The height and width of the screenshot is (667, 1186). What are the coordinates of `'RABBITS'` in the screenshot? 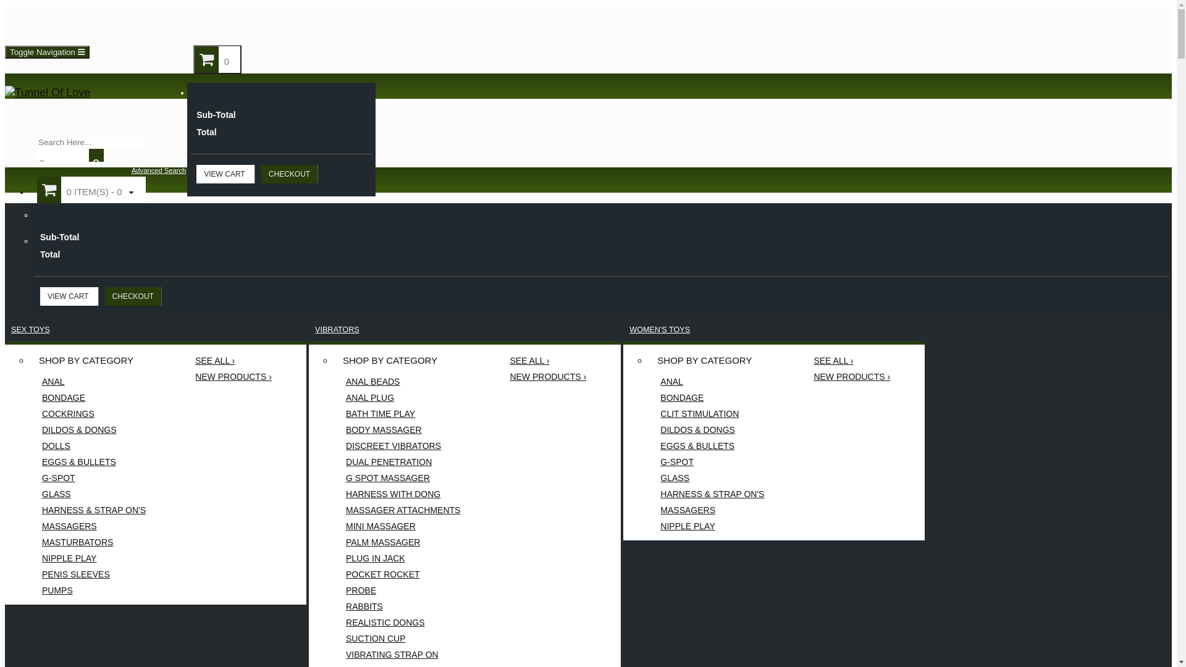 It's located at (403, 606).